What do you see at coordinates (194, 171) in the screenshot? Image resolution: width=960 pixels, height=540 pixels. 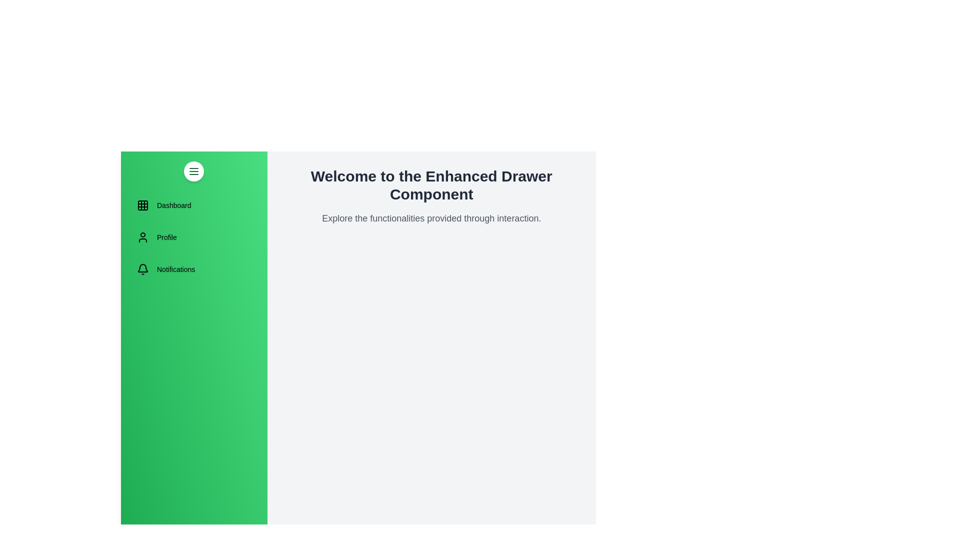 I see `the menu button to toggle the drawer` at bounding box center [194, 171].